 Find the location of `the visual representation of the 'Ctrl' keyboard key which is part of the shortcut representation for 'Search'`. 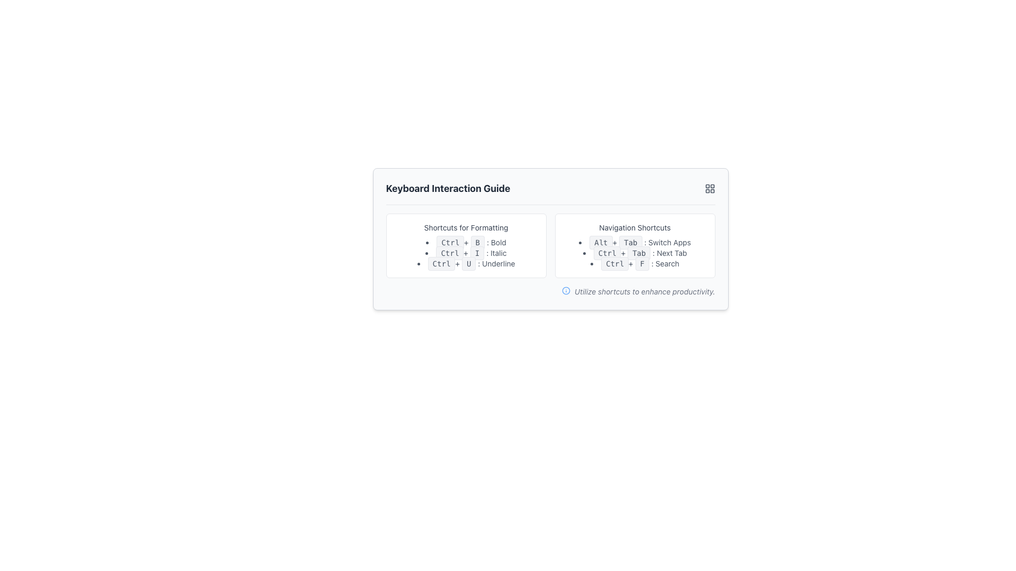

the visual representation of the 'Ctrl' keyboard key which is part of the shortcut representation for 'Search' is located at coordinates (614, 263).